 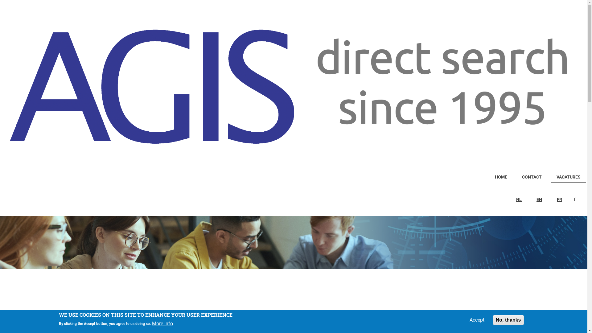 I want to click on 'FR', so click(x=559, y=200).